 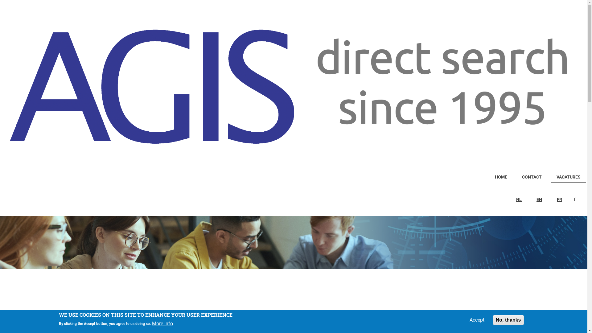 I want to click on 'FR', so click(x=559, y=200).